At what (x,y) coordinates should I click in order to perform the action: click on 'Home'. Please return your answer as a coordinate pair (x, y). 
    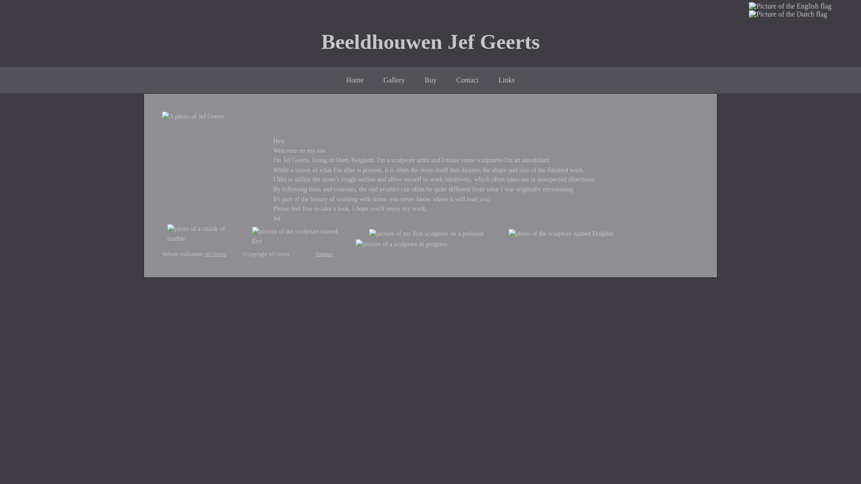
    Looking at the image, I should click on (354, 79).